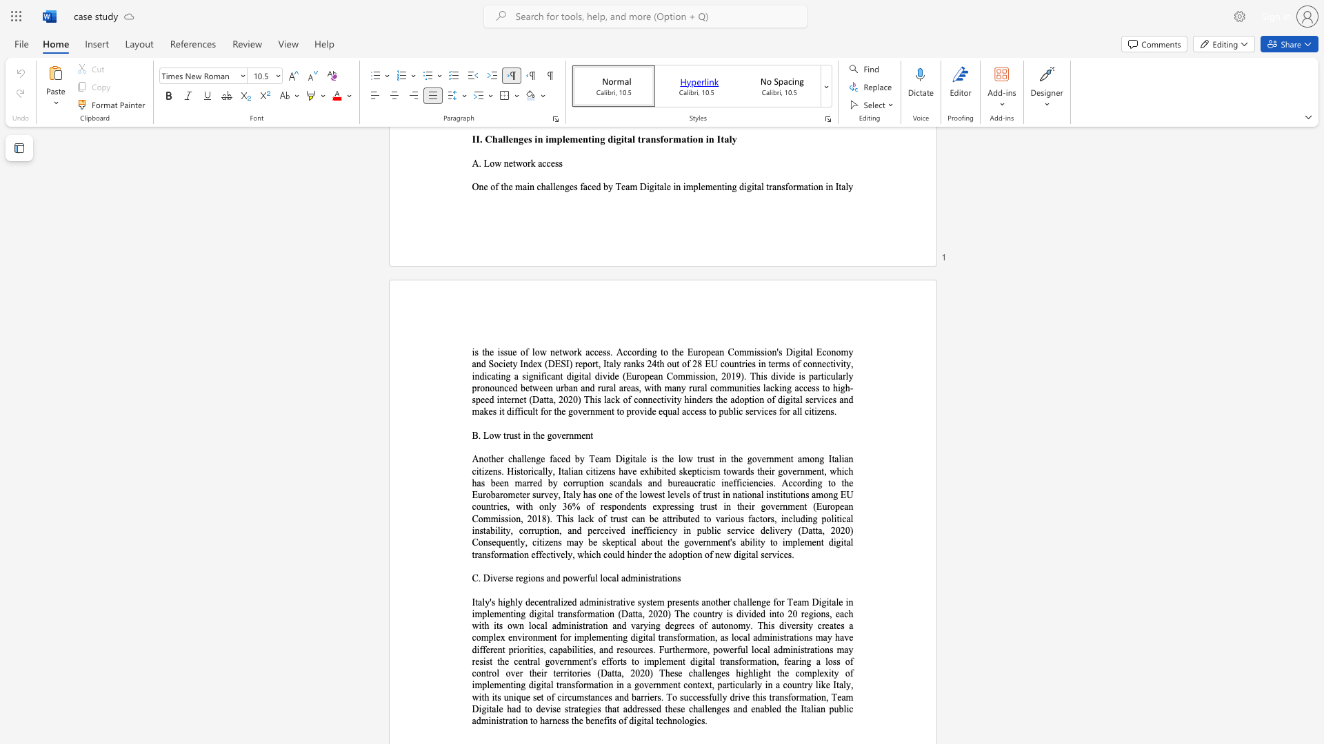 This screenshot has height=744, width=1324. What do you see at coordinates (814, 519) in the screenshot?
I see `the 1th character "g" in the text` at bounding box center [814, 519].